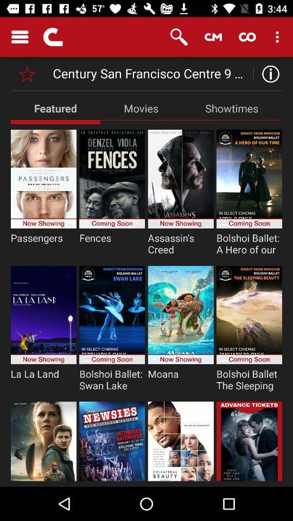 This screenshot has width=293, height=521. I want to click on icon above the century san francisco, so click(213, 37).